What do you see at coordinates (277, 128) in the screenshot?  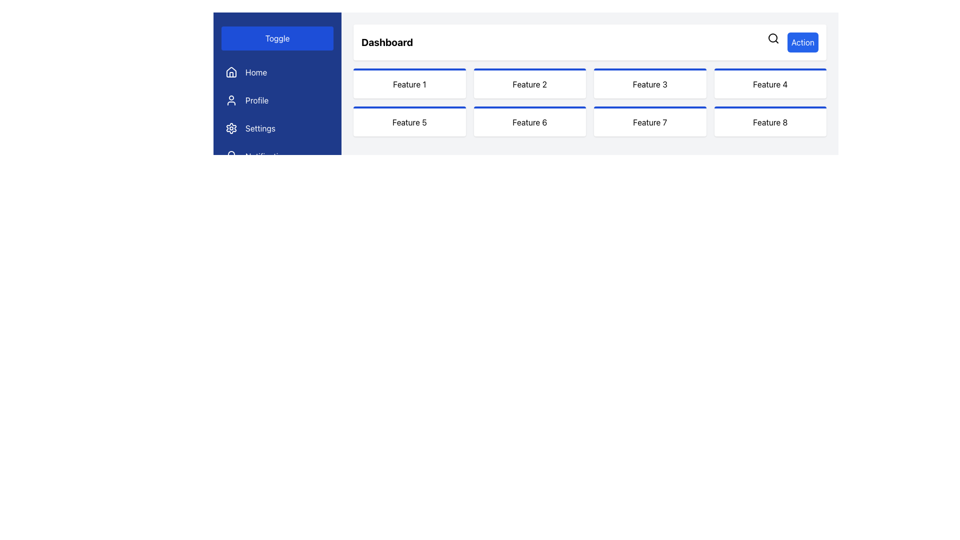 I see `the 'Settings' button, which is the third menu item in the blue sidebar` at bounding box center [277, 128].